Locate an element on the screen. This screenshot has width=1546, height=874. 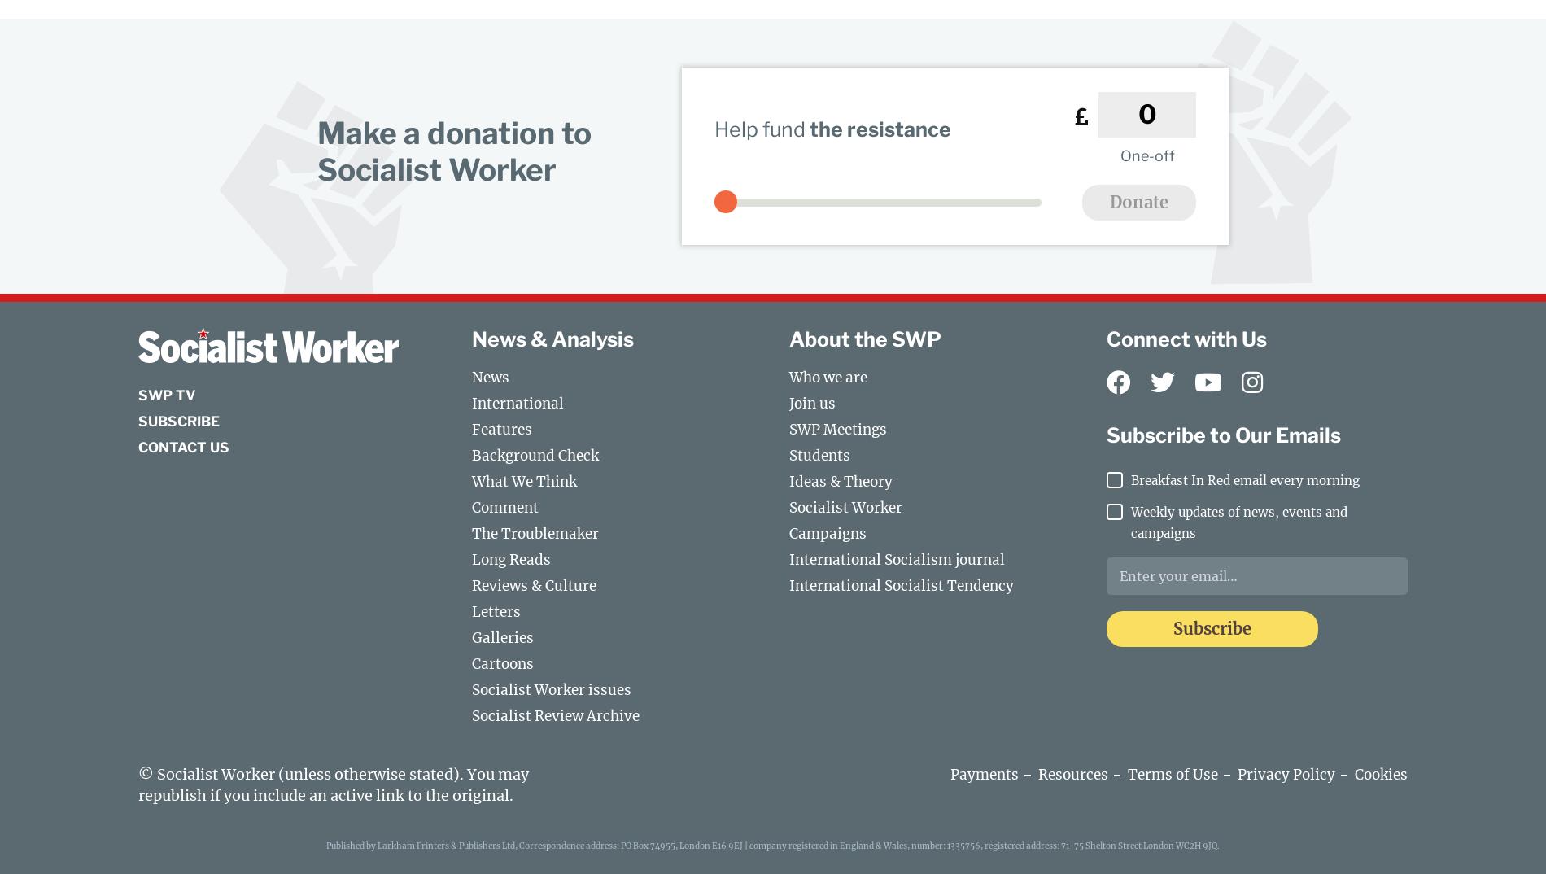
'Reviews & Culture' is located at coordinates (534, 586).